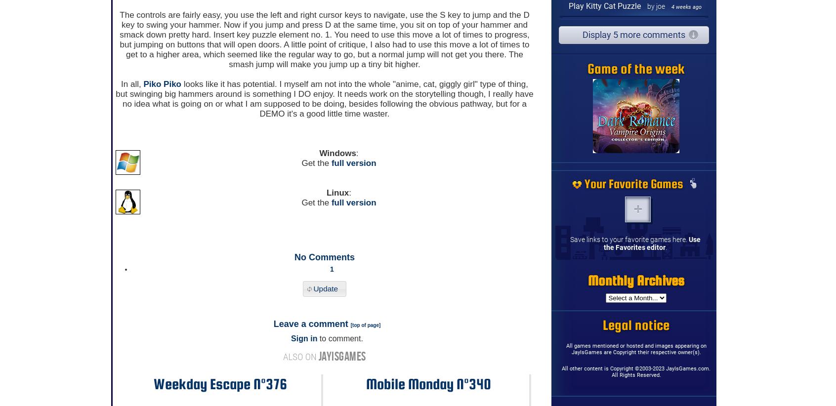 The image size is (836, 406). I want to click on 'Leave a comment', so click(311, 324).